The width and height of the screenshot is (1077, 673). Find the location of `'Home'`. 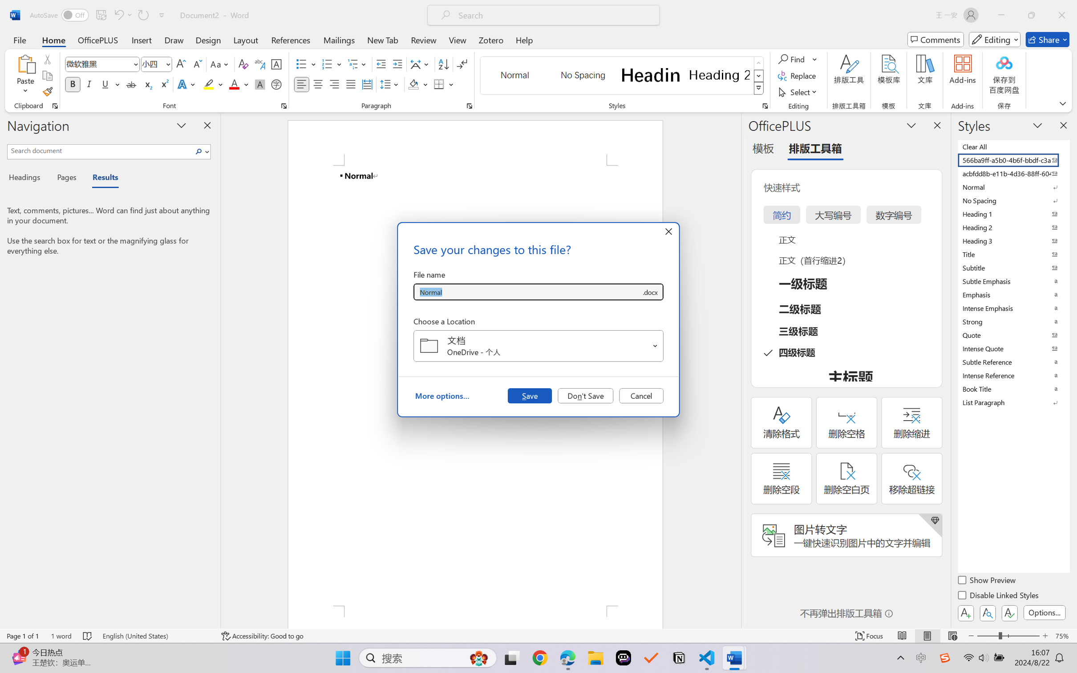

'Home' is located at coordinates (54, 39).